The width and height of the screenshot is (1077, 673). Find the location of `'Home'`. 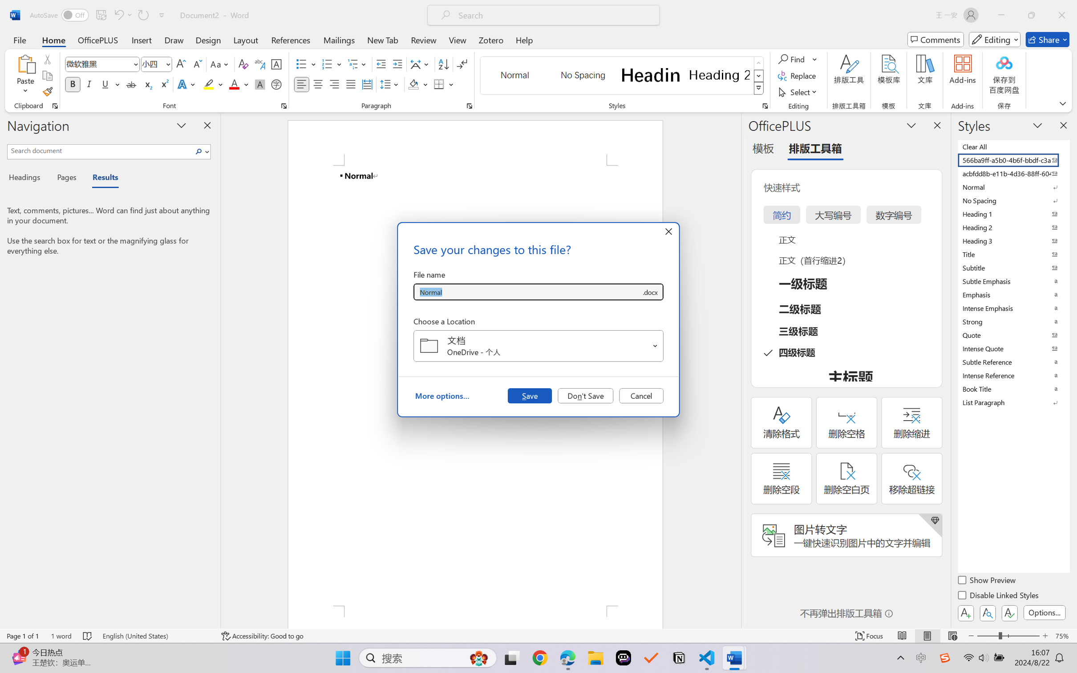

'Home' is located at coordinates (54, 39).